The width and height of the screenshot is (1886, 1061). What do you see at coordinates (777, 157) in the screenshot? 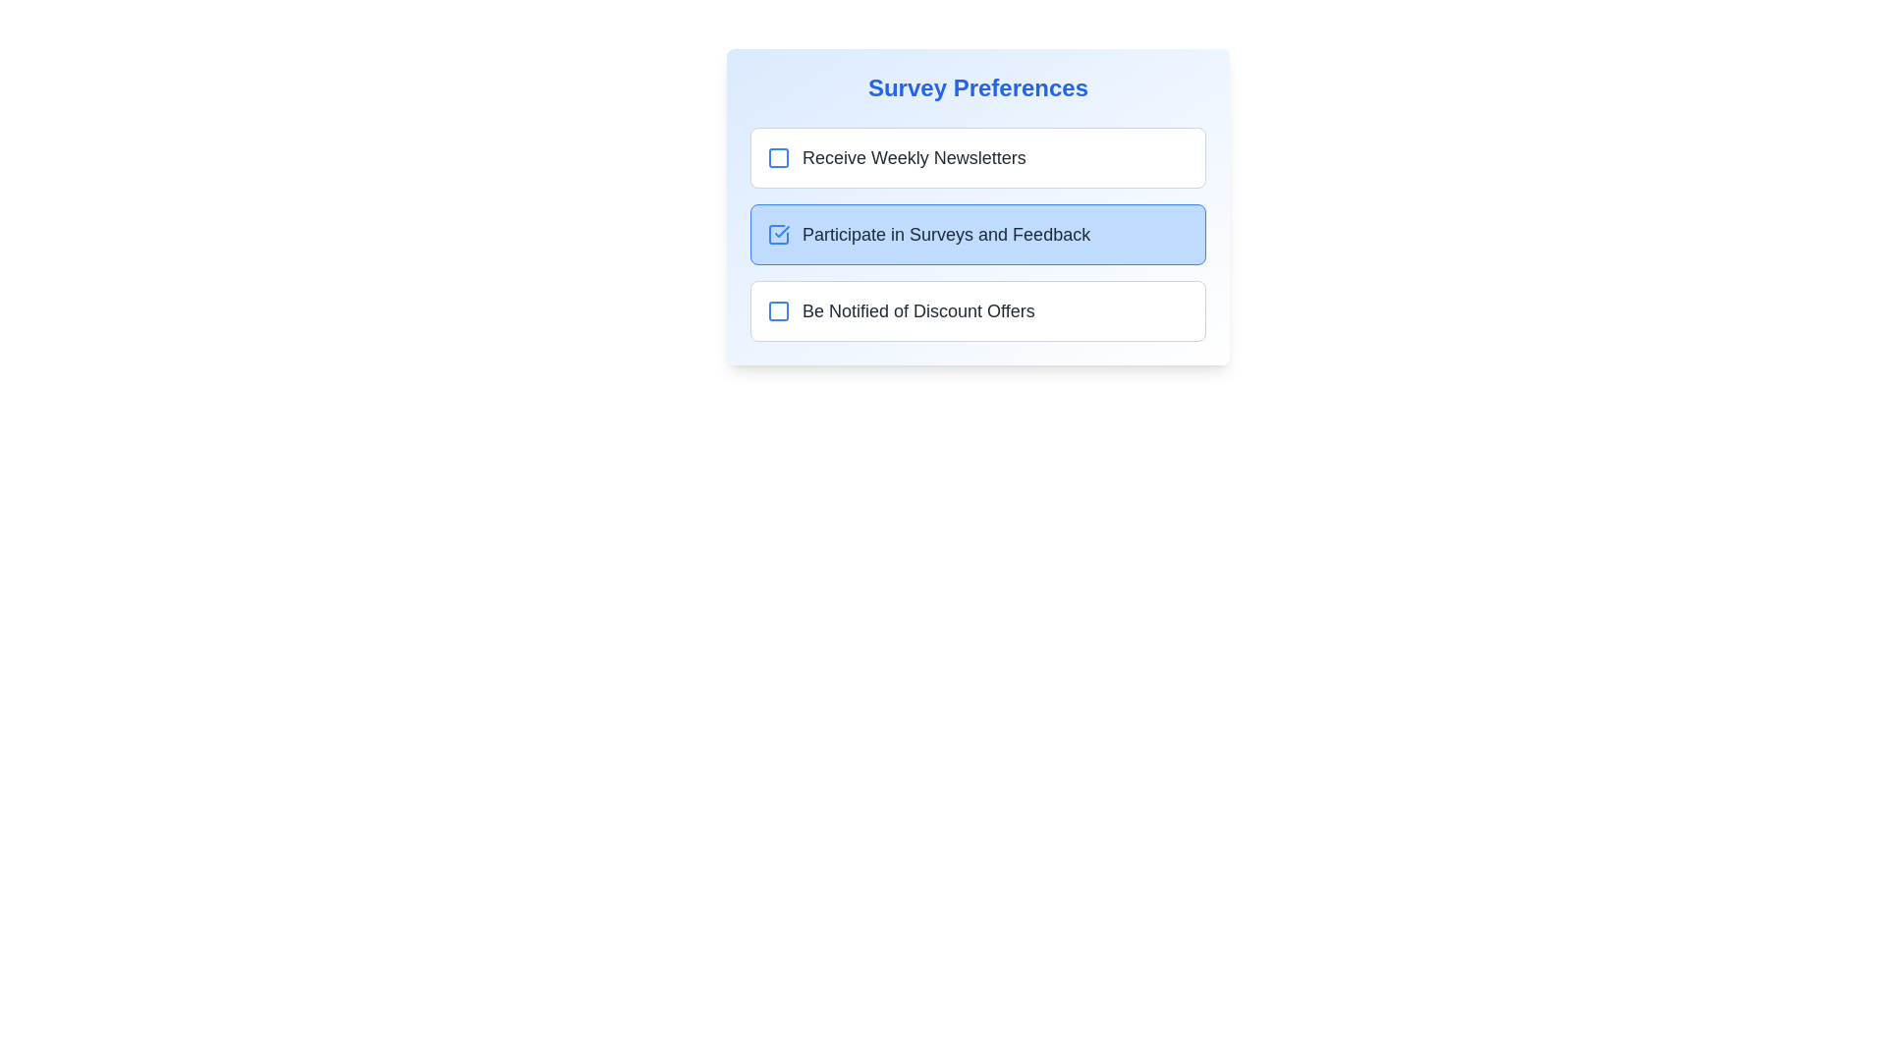
I see `the small blue square checkbox icon located to the left of the text 'Receive Weekly Newsletters'` at bounding box center [777, 157].